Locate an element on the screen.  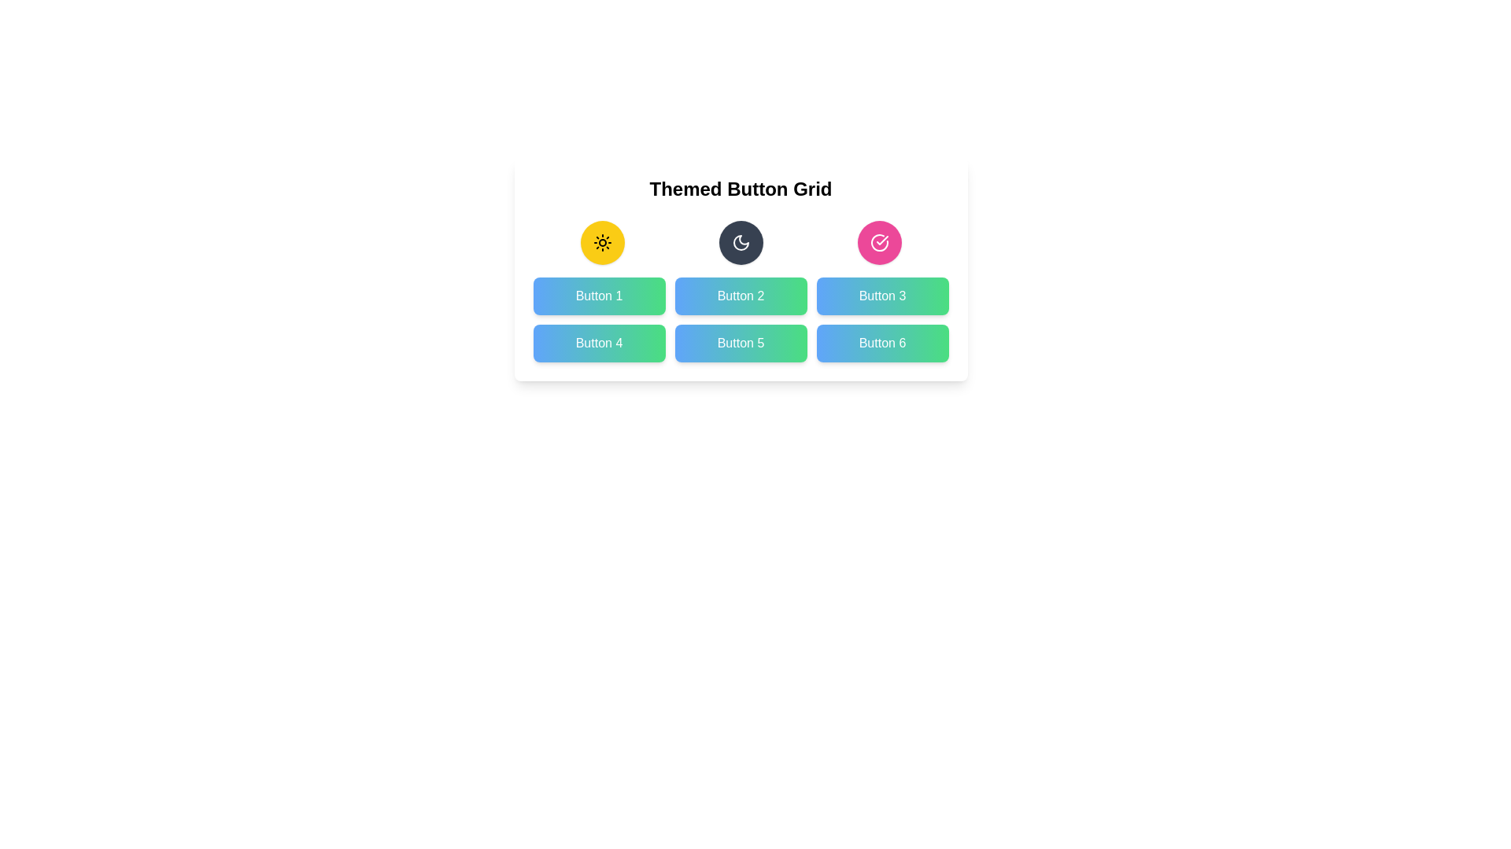
the decorative moon SVG icon located in the second button of the top row, which symbolizes a night or dark mode theme is located at coordinates (740, 242).